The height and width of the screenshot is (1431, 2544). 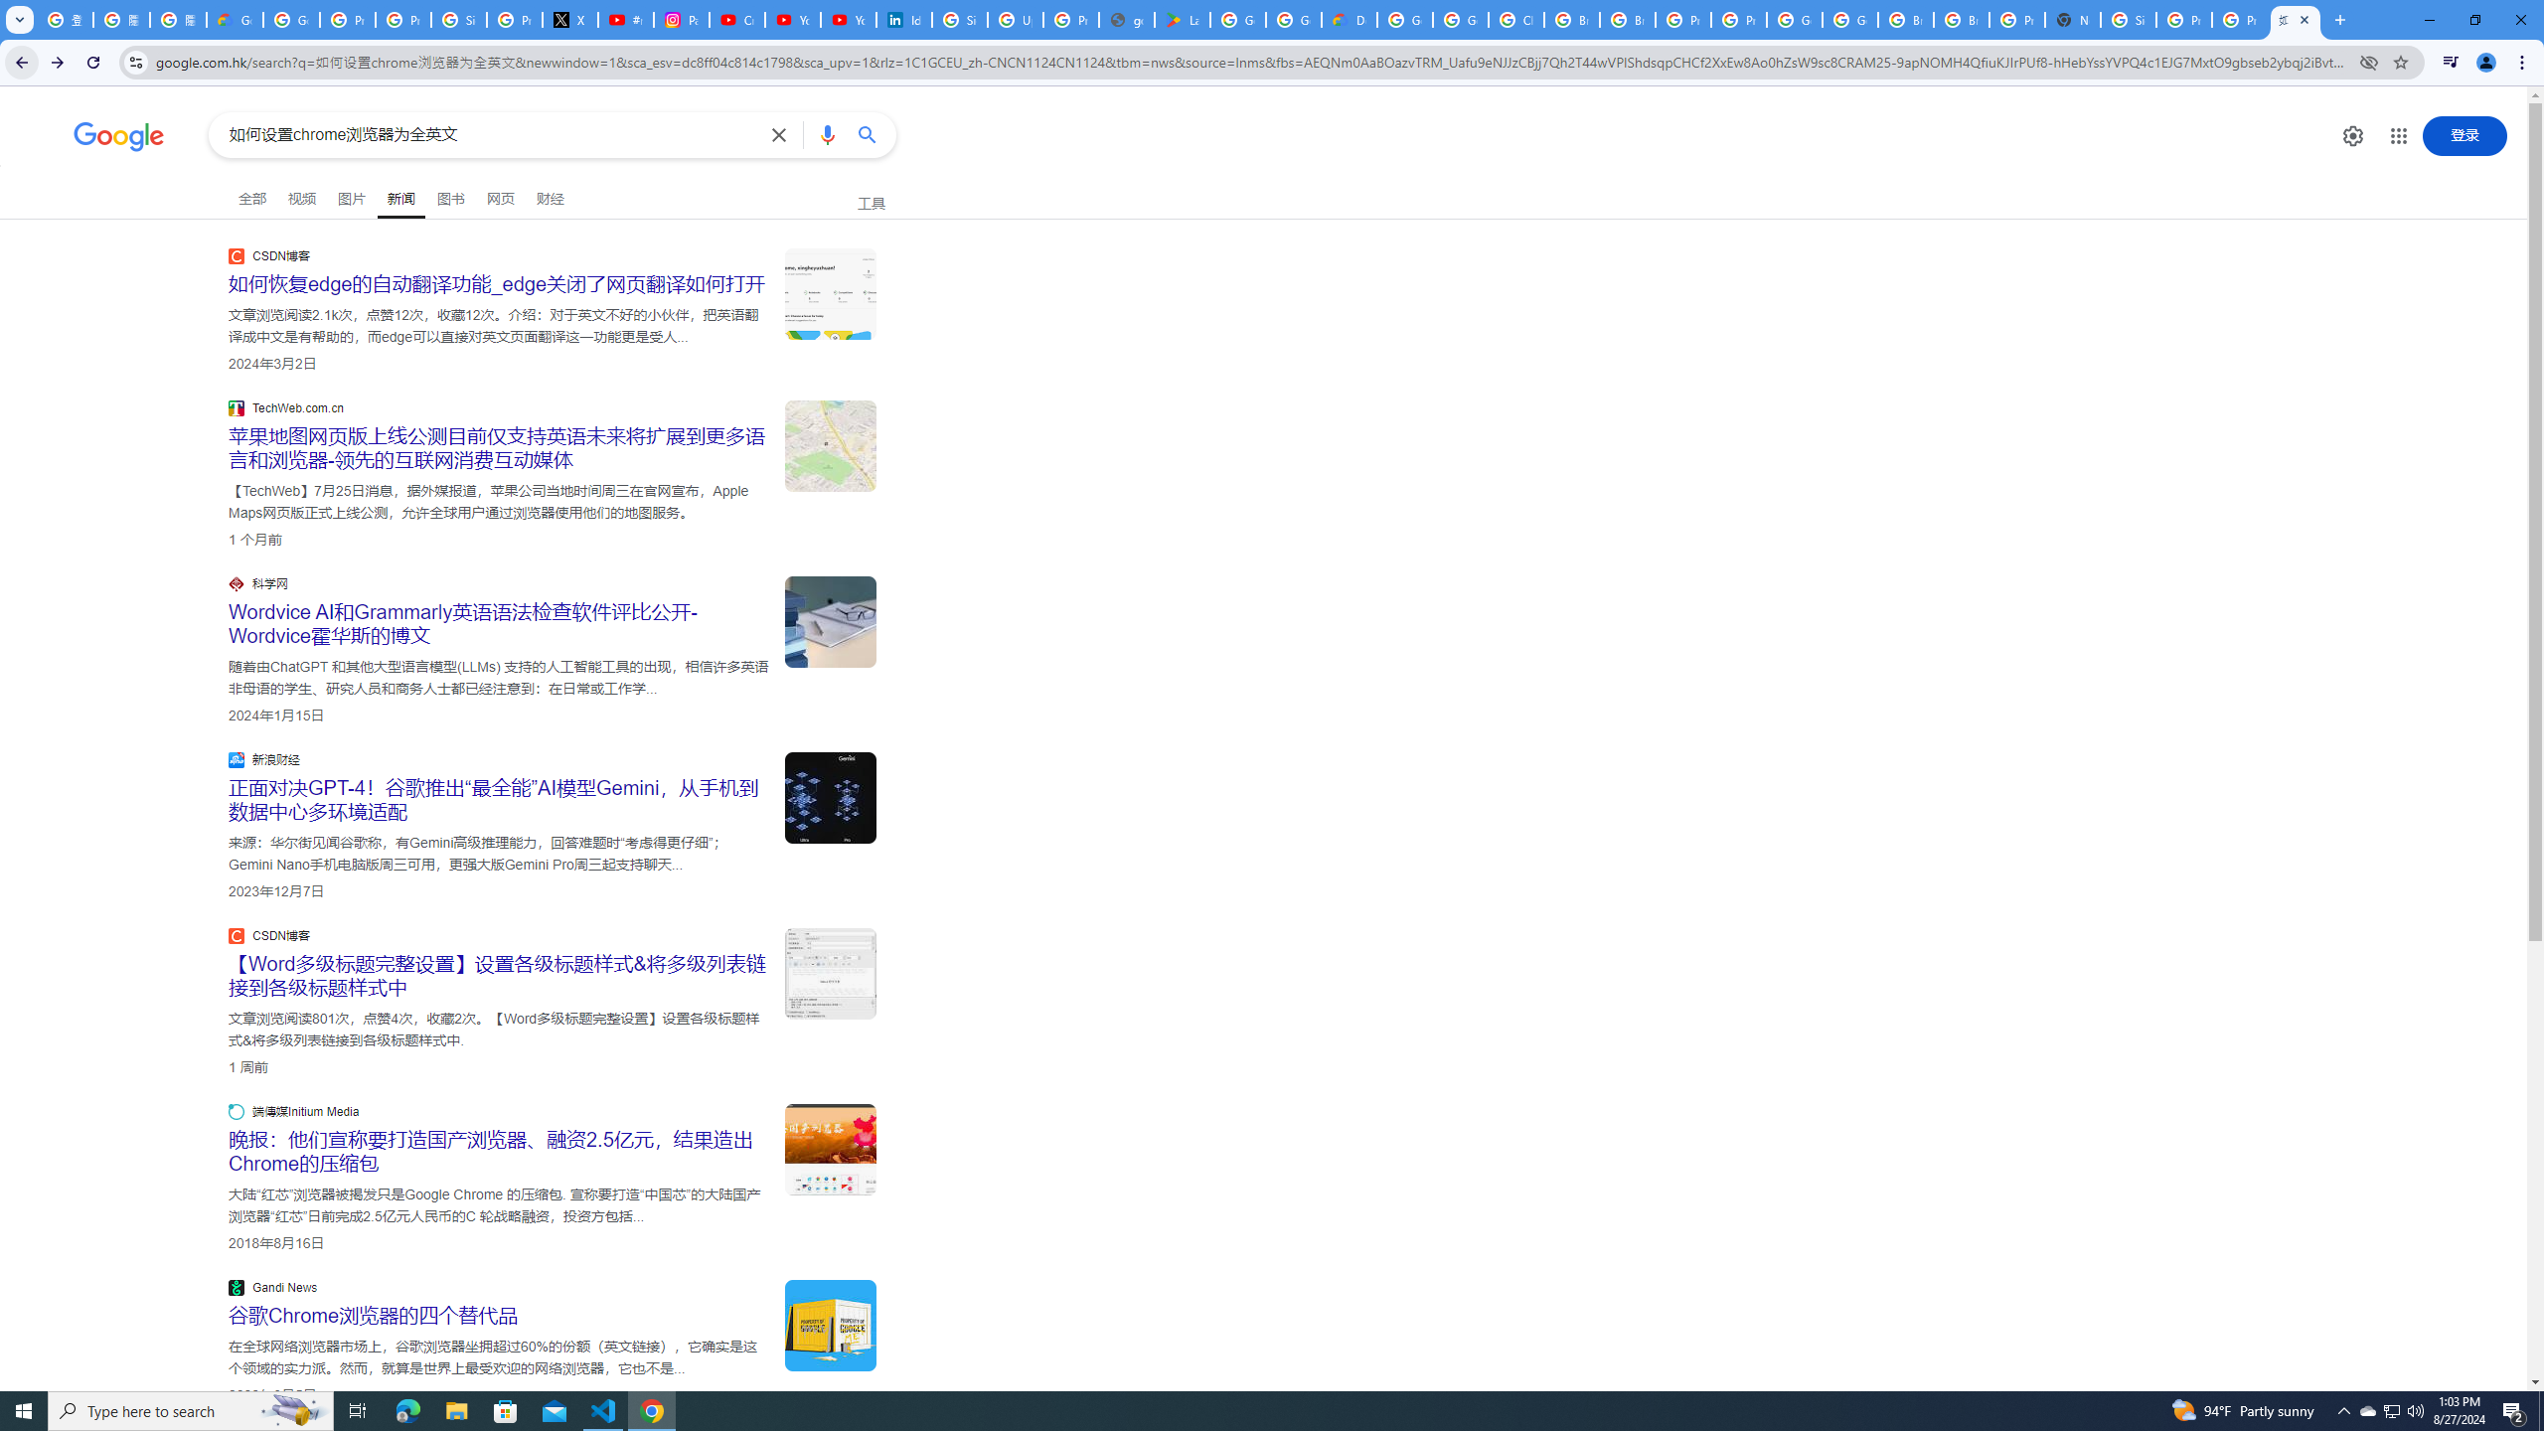 What do you see at coordinates (1794, 19) in the screenshot?
I see `'Google Cloud Platform'` at bounding box center [1794, 19].